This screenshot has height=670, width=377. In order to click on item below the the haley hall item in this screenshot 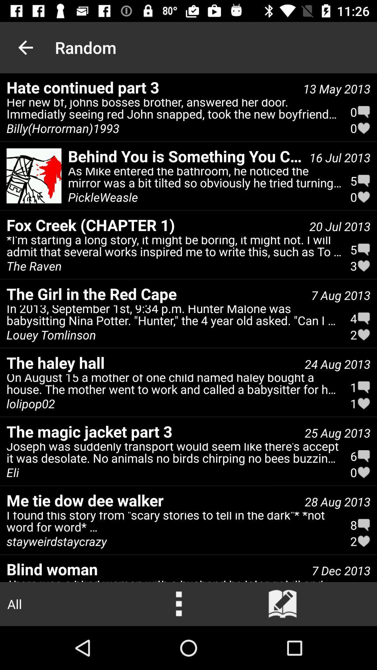, I will do `click(174, 386)`.